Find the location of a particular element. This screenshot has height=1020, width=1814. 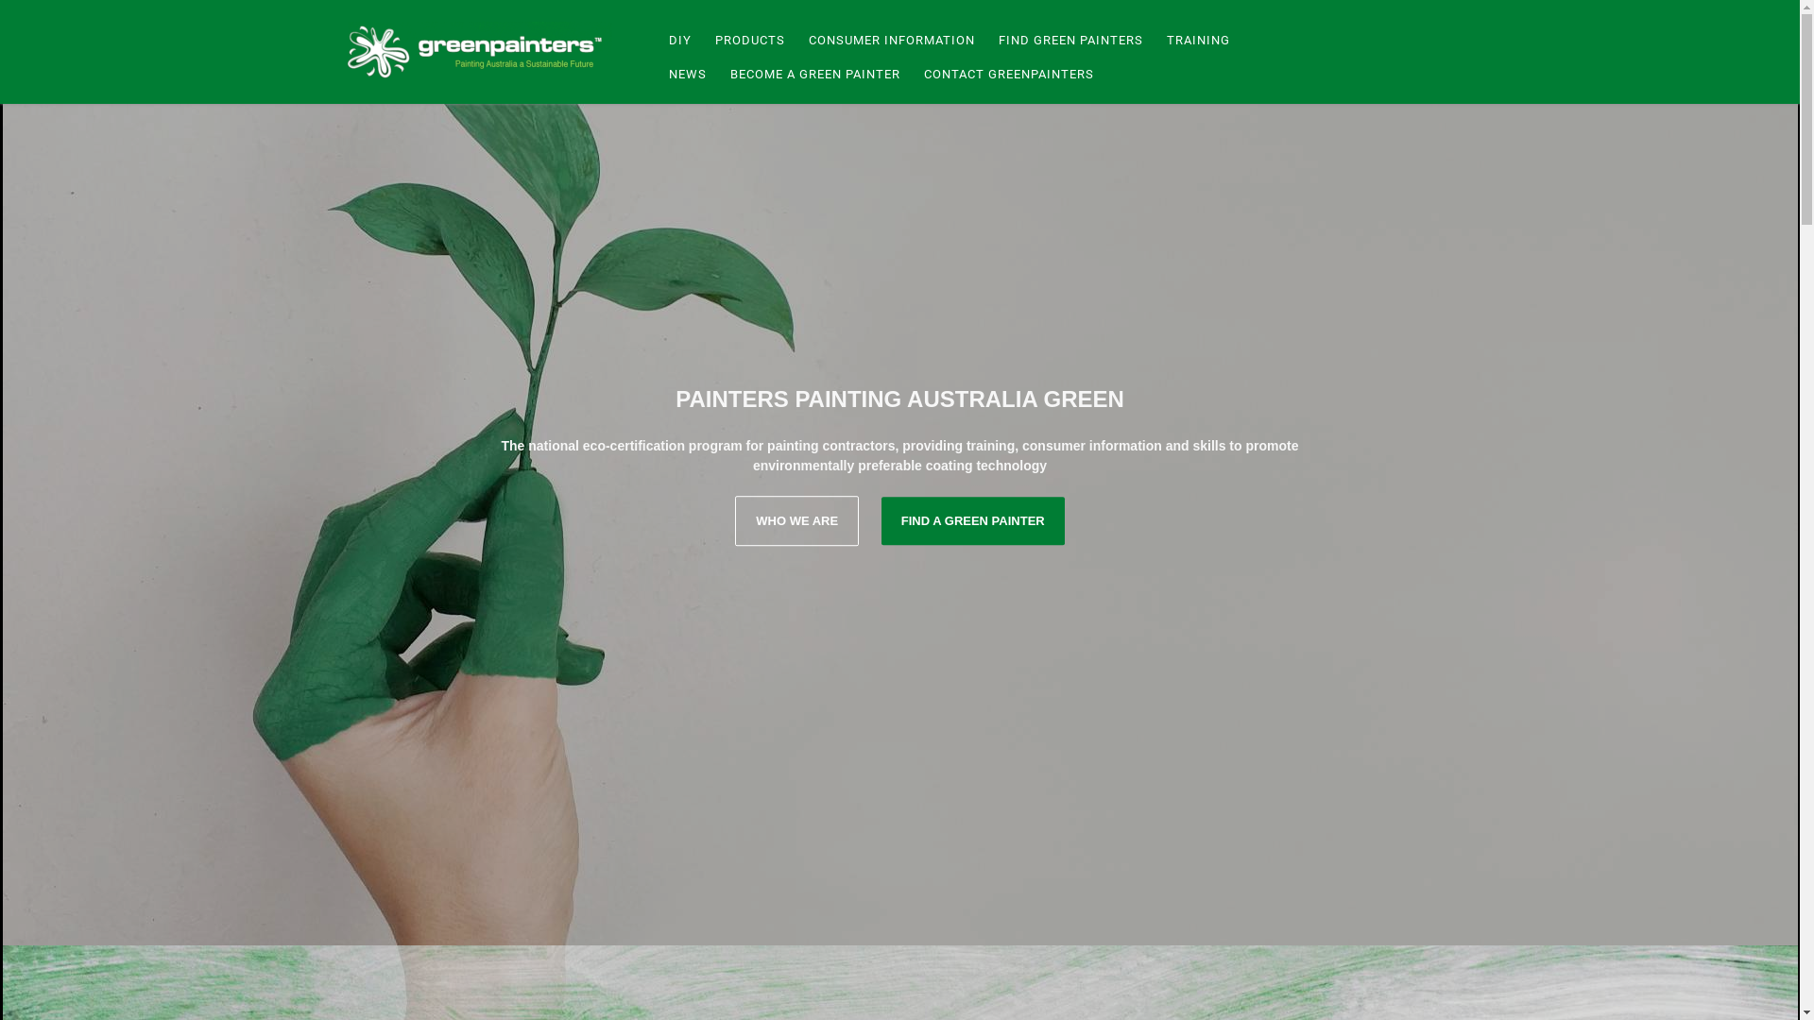

'FIND A GREEN PAINTER' is located at coordinates (973, 520).